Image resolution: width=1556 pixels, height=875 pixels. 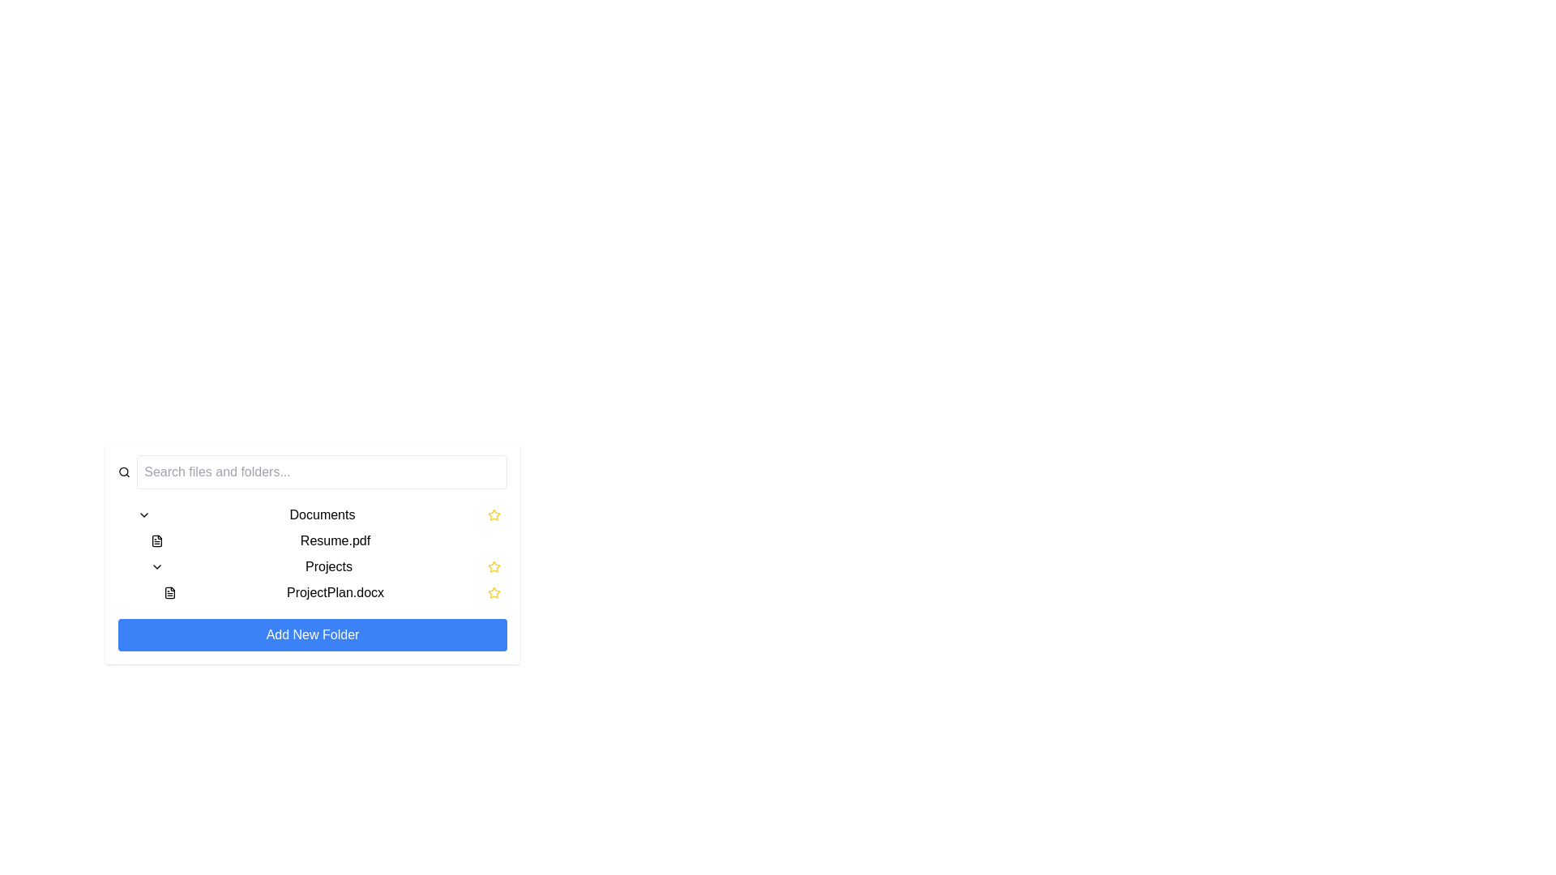 What do you see at coordinates (123, 472) in the screenshot?
I see `the circular element of the search icon located to the left of the search input field containing the placeholder text 'Search files and folders...'` at bounding box center [123, 472].